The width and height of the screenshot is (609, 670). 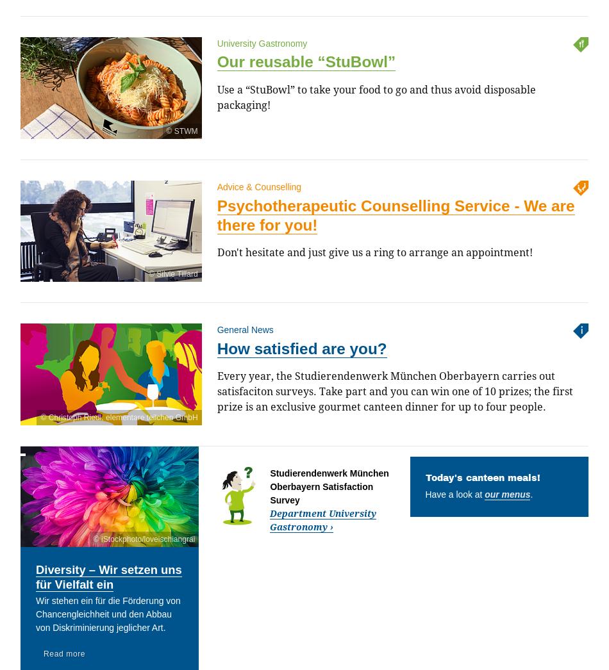 What do you see at coordinates (394, 391) in the screenshot?
I see `'Every year, the Studierendenwerk München Oberbayern carries out satisfaciton surveys. Take part and you can win one of 10 prizes; the first prize is an exclusive gourmet canteen dinner for up to four people.'` at bounding box center [394, 391].